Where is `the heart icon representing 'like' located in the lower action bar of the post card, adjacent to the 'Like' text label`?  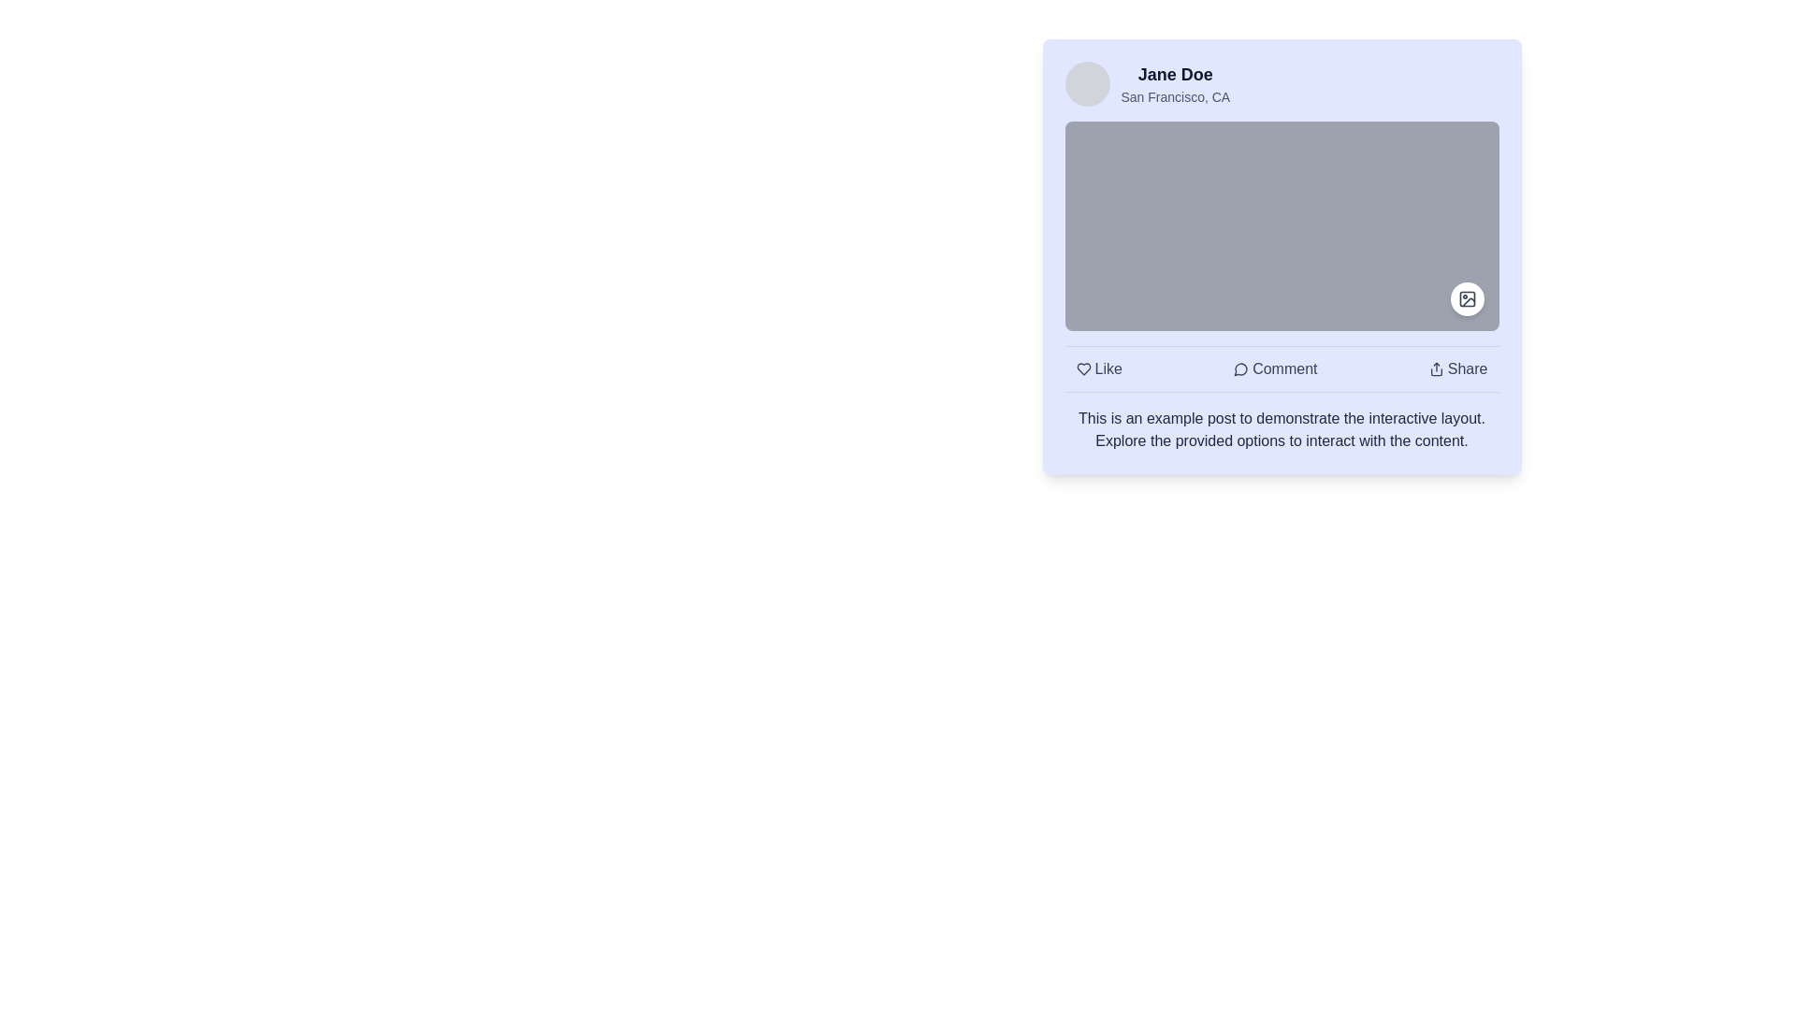
the heart icon representing 'like' located in the lower action bar of the post card, adjacent to the 'Like' text label is located at coordinates (1083, 368).